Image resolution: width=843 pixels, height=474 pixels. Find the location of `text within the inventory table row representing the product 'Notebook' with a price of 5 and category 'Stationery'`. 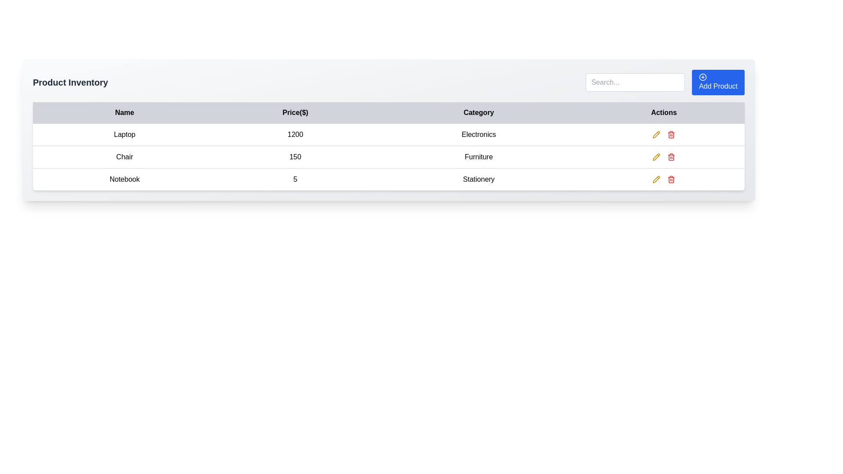

text within the inventory table row representing the product 'Notebook' with a price of 5 and category 'Stationery' is located at coordinates (388, 179).